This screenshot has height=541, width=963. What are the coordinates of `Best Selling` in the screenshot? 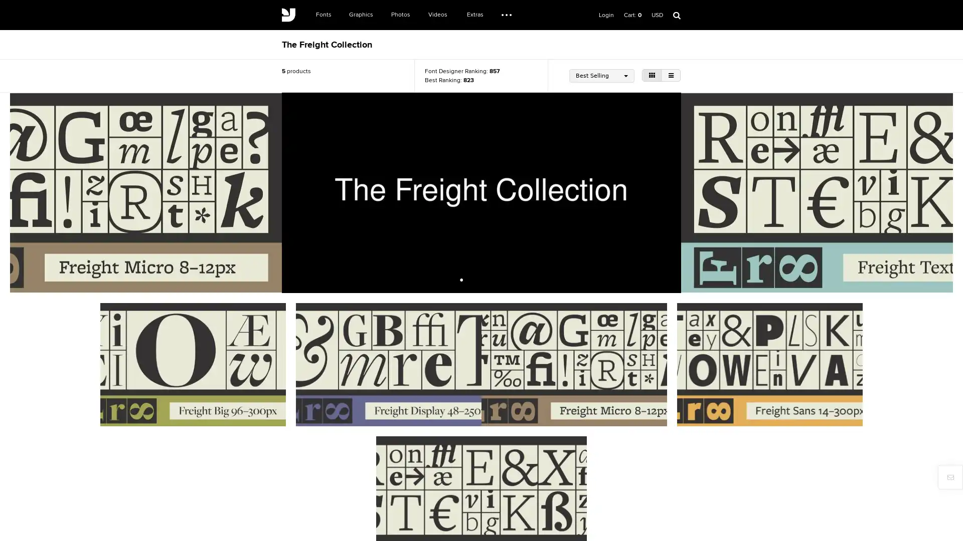 It's located at (602, 75).